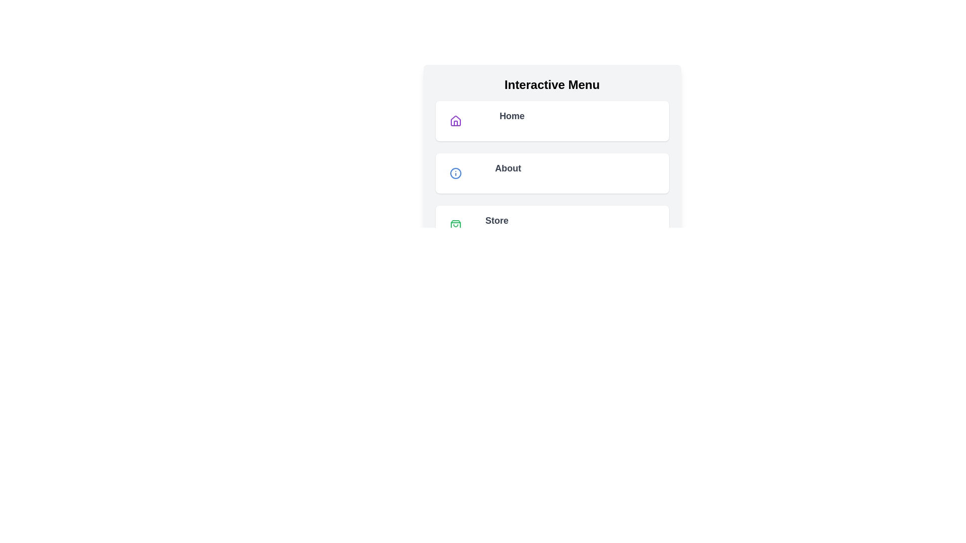 This screenshot has width=966, height=543. Describe the element at coordinates (551, 172) in the screenshot. I see `the menu item labeled About to view its tooltip` at that location.